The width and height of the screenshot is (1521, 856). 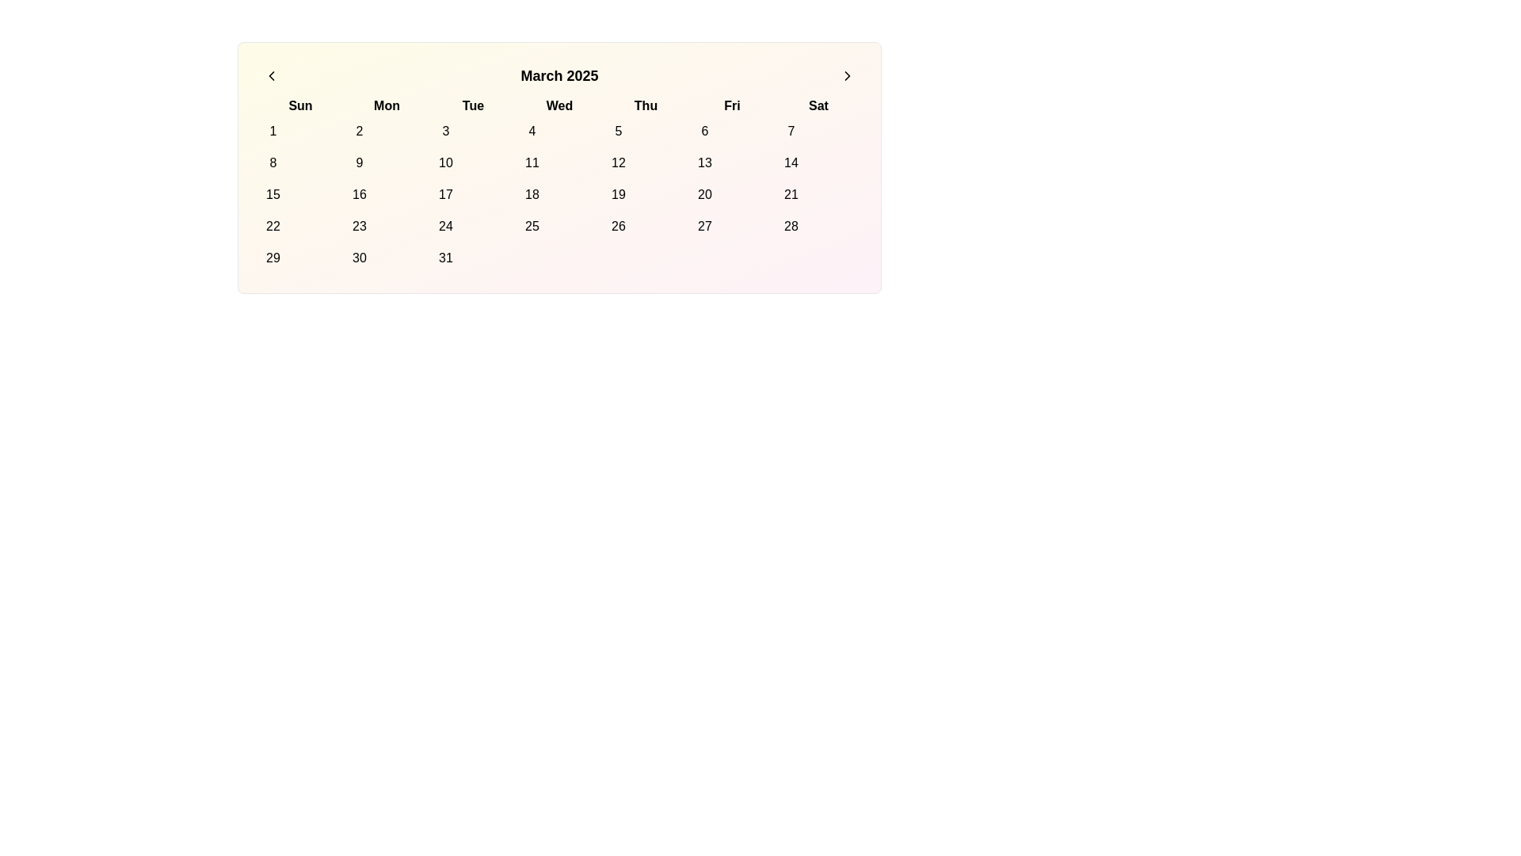 I want to click on the 'next' button icon located on the right-hand side of the top bar in the calendar interface, so click(x=847, y=76).